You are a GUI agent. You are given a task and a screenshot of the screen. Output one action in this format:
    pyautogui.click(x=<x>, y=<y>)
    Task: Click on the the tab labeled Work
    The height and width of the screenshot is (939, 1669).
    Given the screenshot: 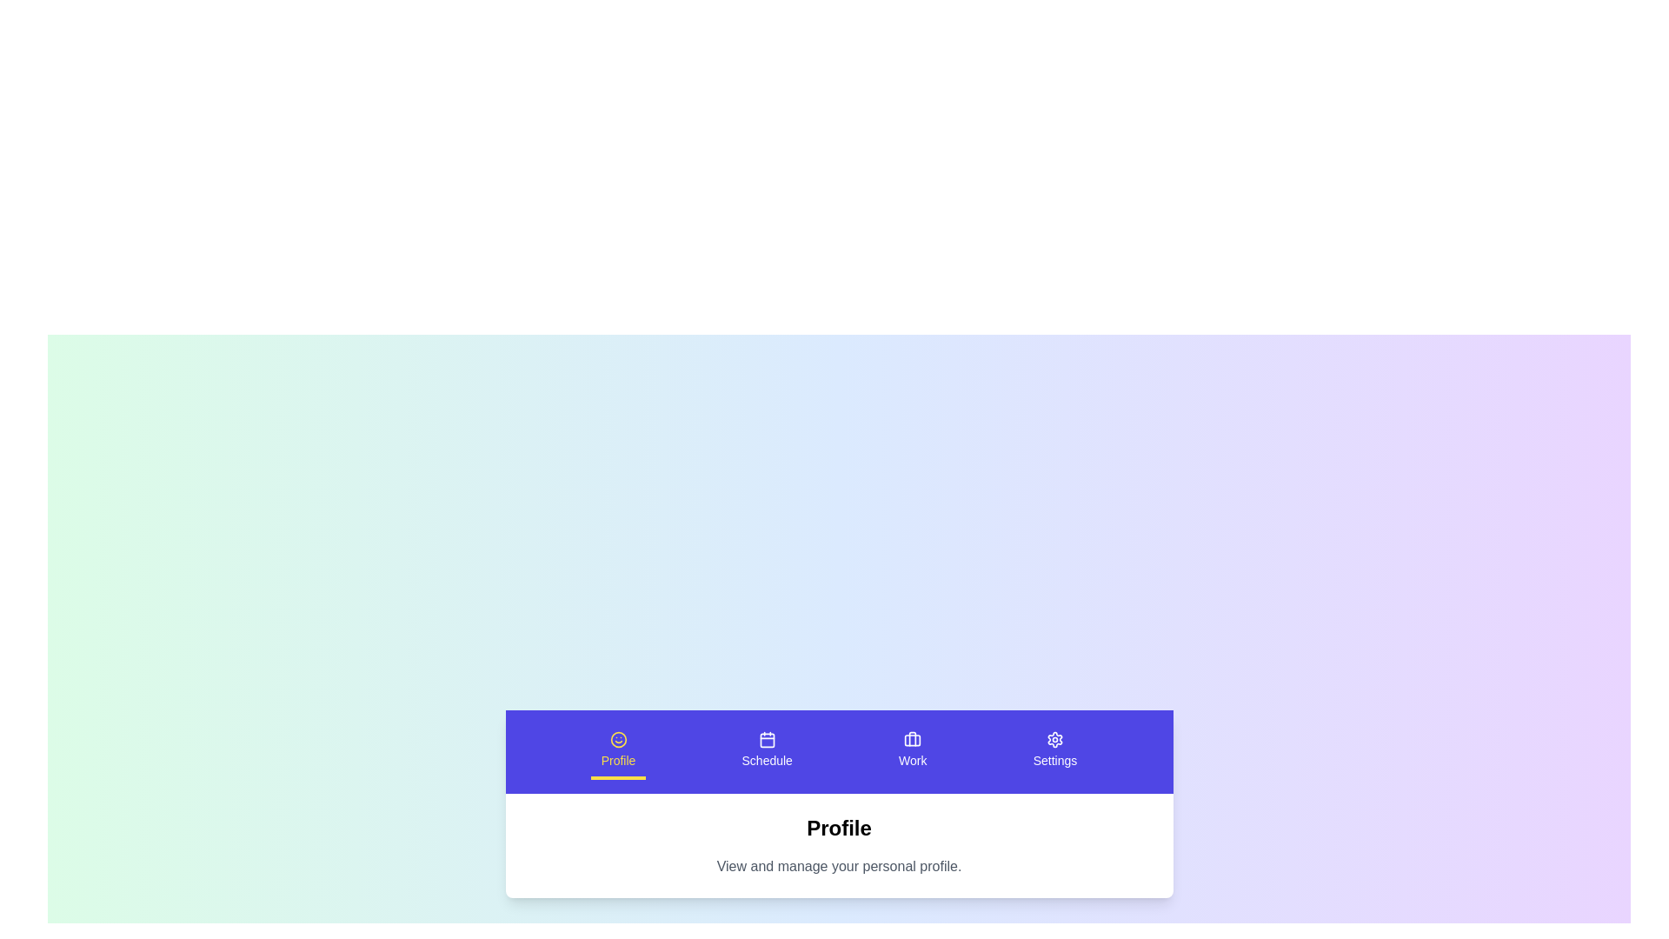 What is the action you would take?
    pyautogui.click(x=912, y=750)
    